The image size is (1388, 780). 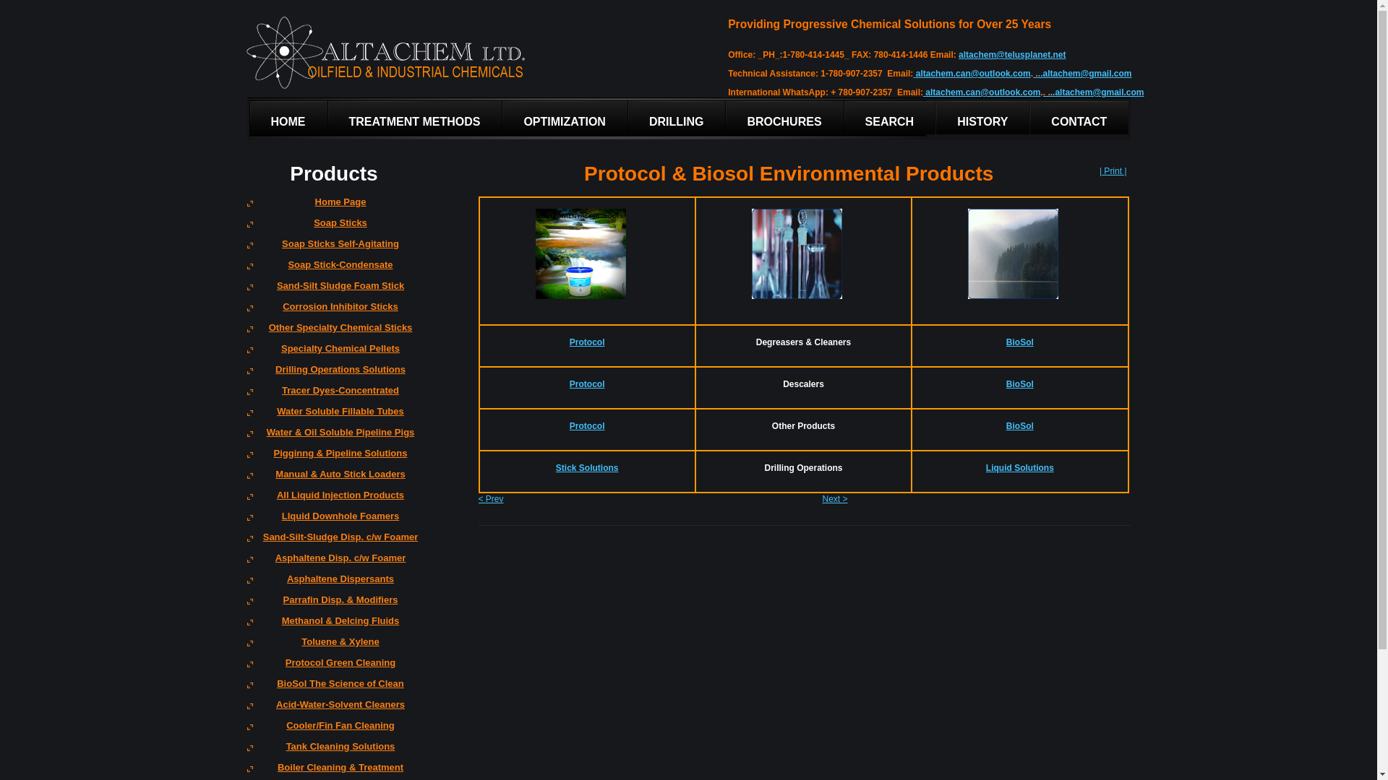 I want to click on '. .', so click(x=1047, y=92).